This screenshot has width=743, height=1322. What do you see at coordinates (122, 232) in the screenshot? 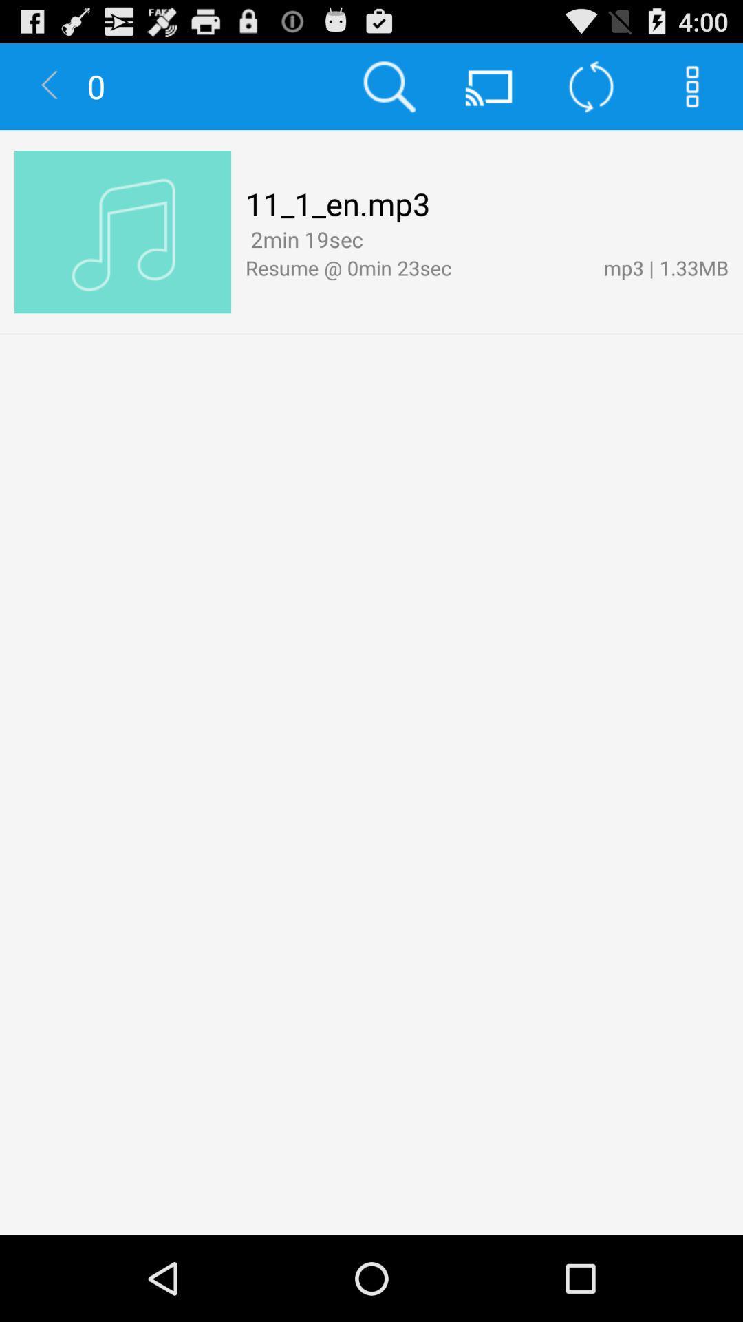
I see `the app next to the 11_1_en.mp3` at bounding box center [122, 232].